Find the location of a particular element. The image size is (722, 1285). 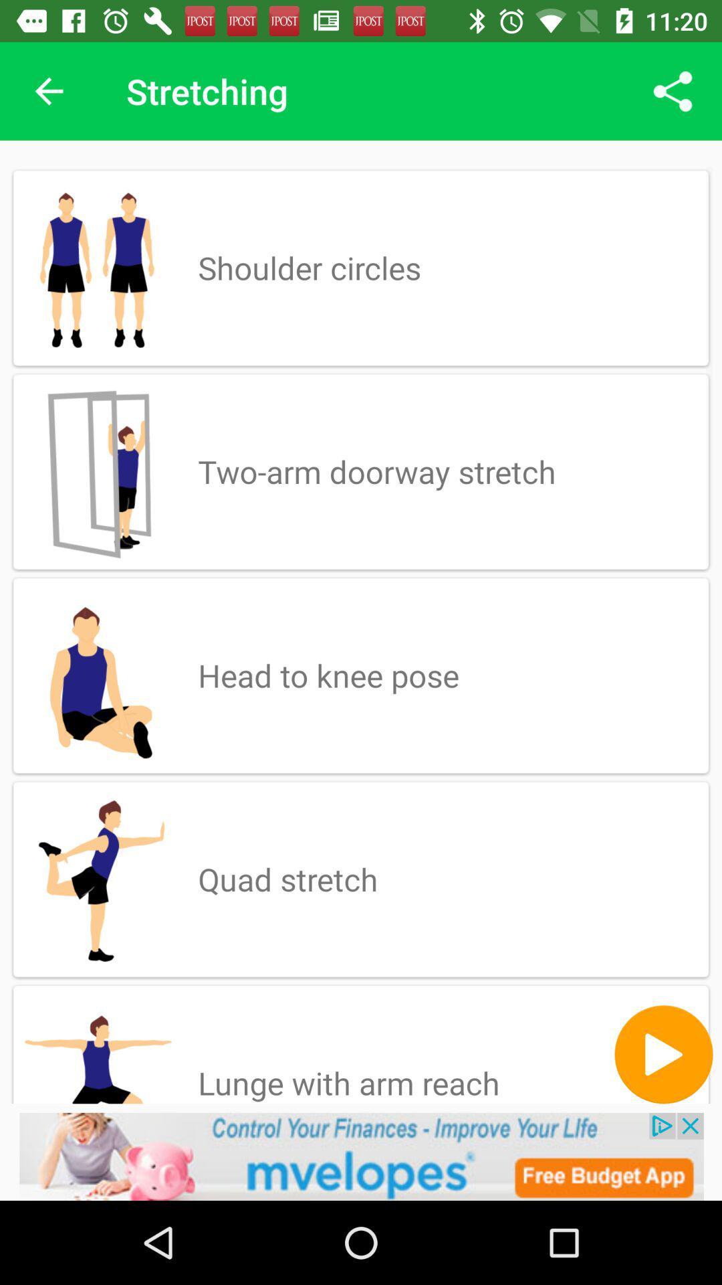

next is located at coordinates (663, 1053).